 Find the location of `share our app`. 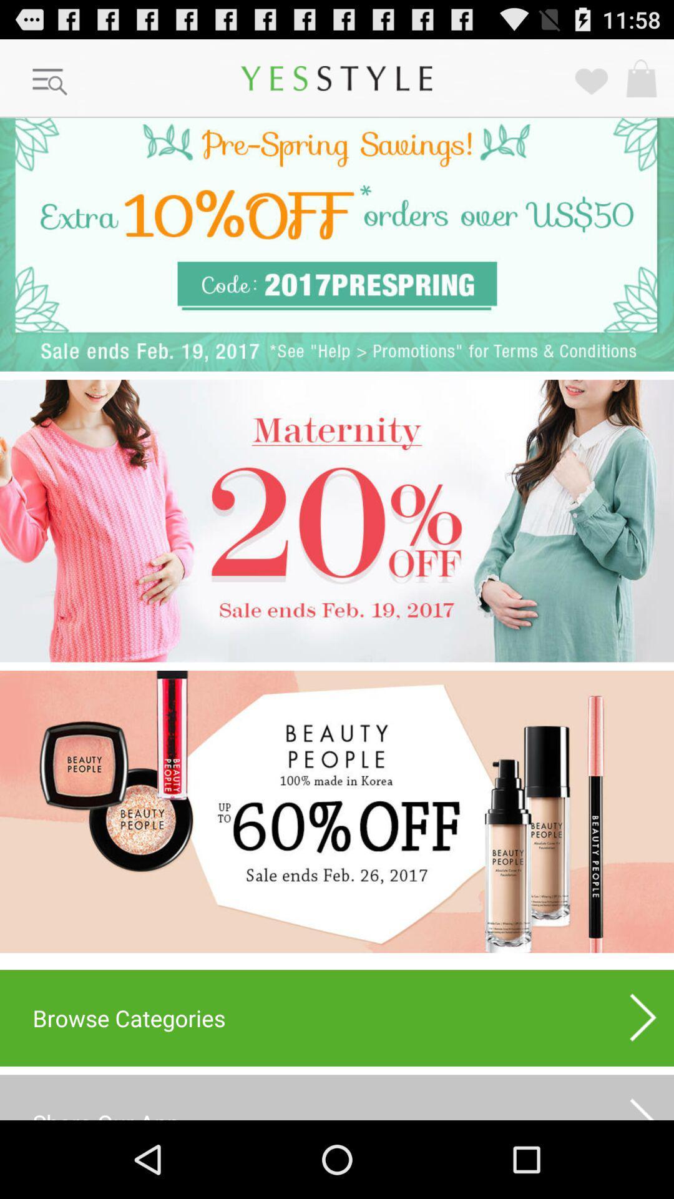

share our app is located at coordinates (337, 1097).